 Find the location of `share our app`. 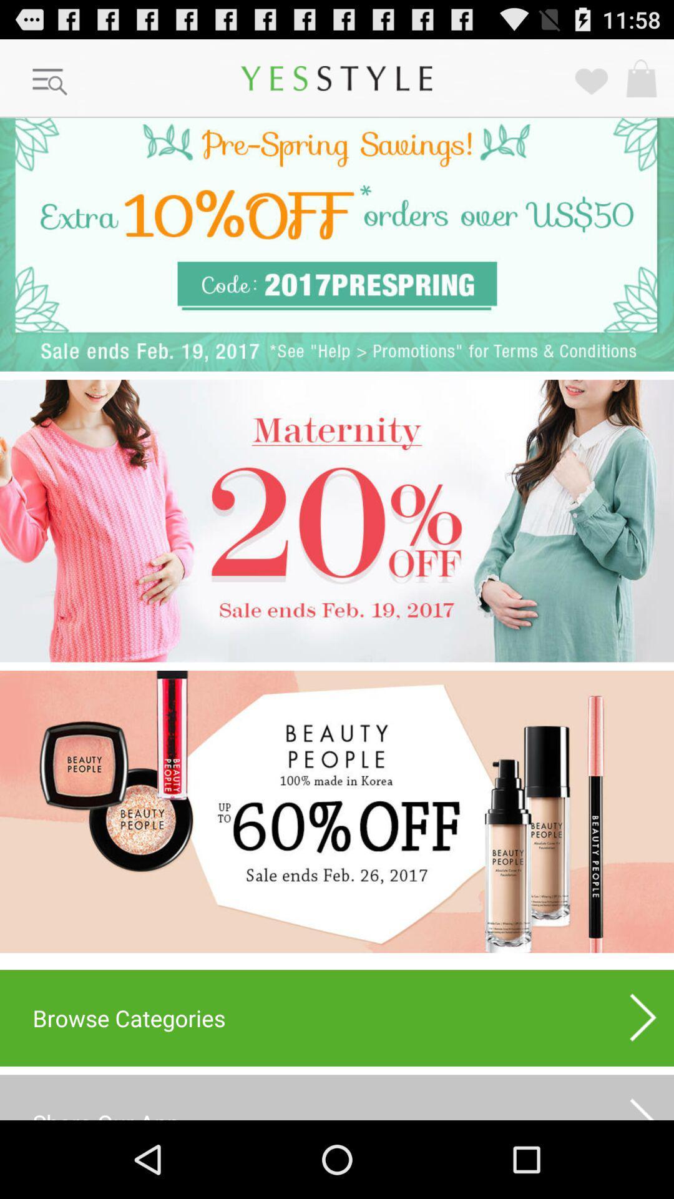

share our app is located at coordinates (337, 1097).